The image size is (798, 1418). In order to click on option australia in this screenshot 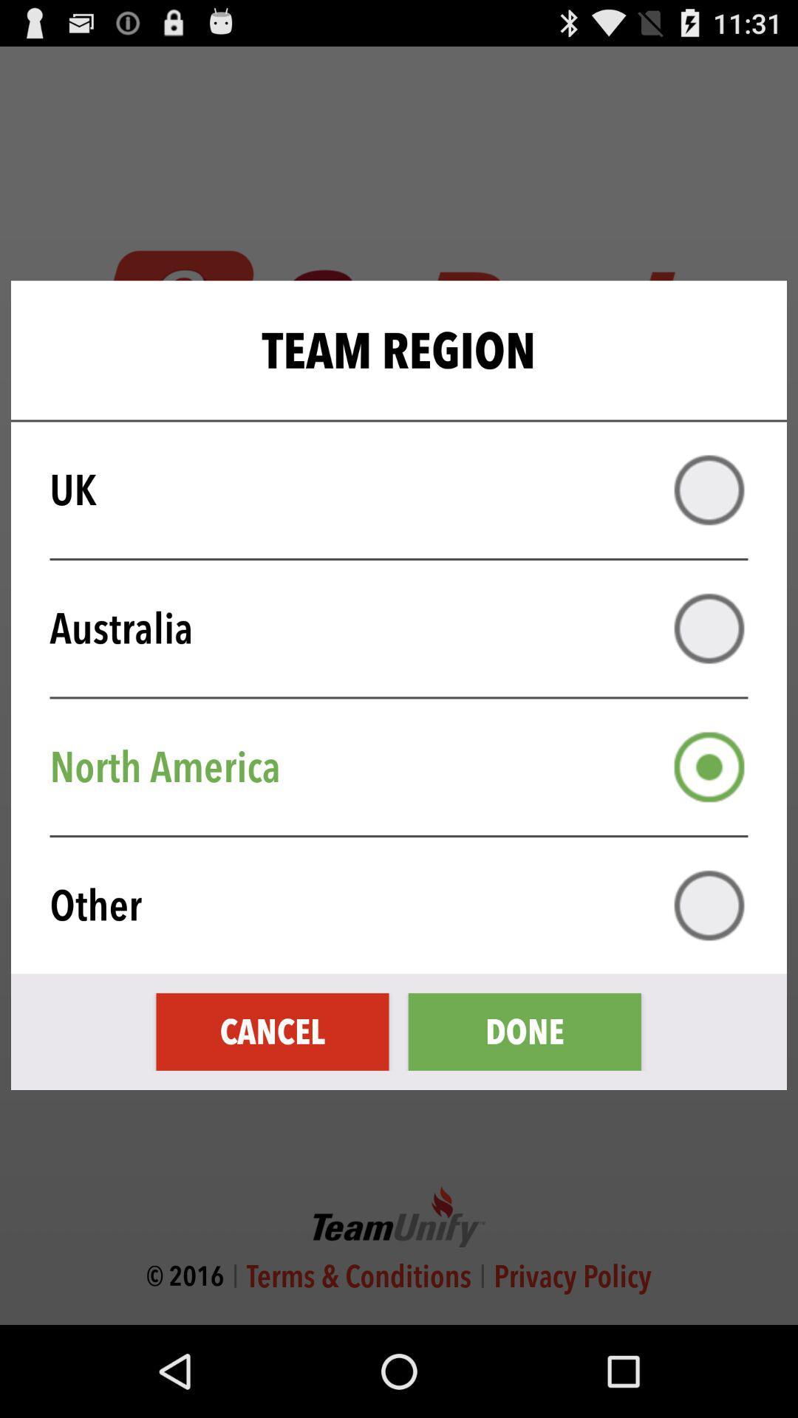, I will do `click(709, 628)`.